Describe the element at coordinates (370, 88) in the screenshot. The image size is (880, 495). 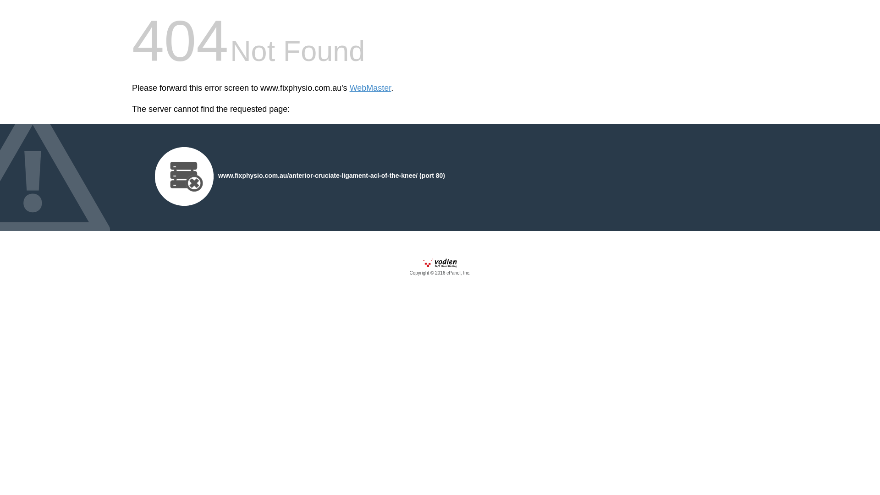
I see `'WebMaster'` at that location.